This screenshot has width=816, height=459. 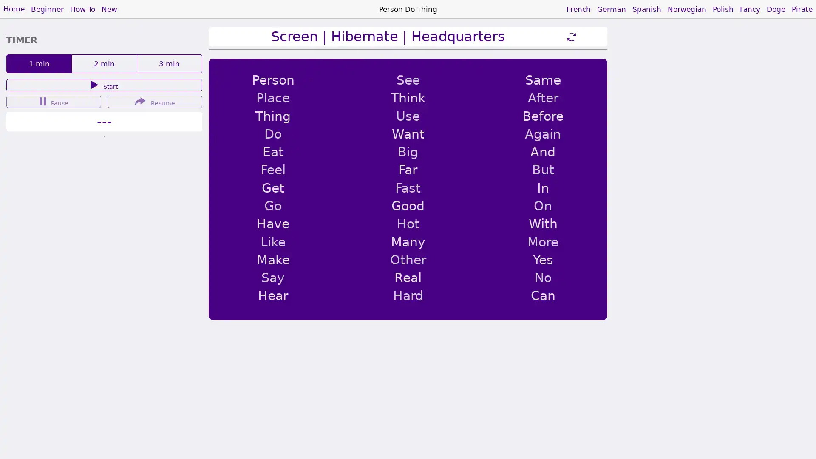 I want to click on 1 min, so click(x=38, y=63).